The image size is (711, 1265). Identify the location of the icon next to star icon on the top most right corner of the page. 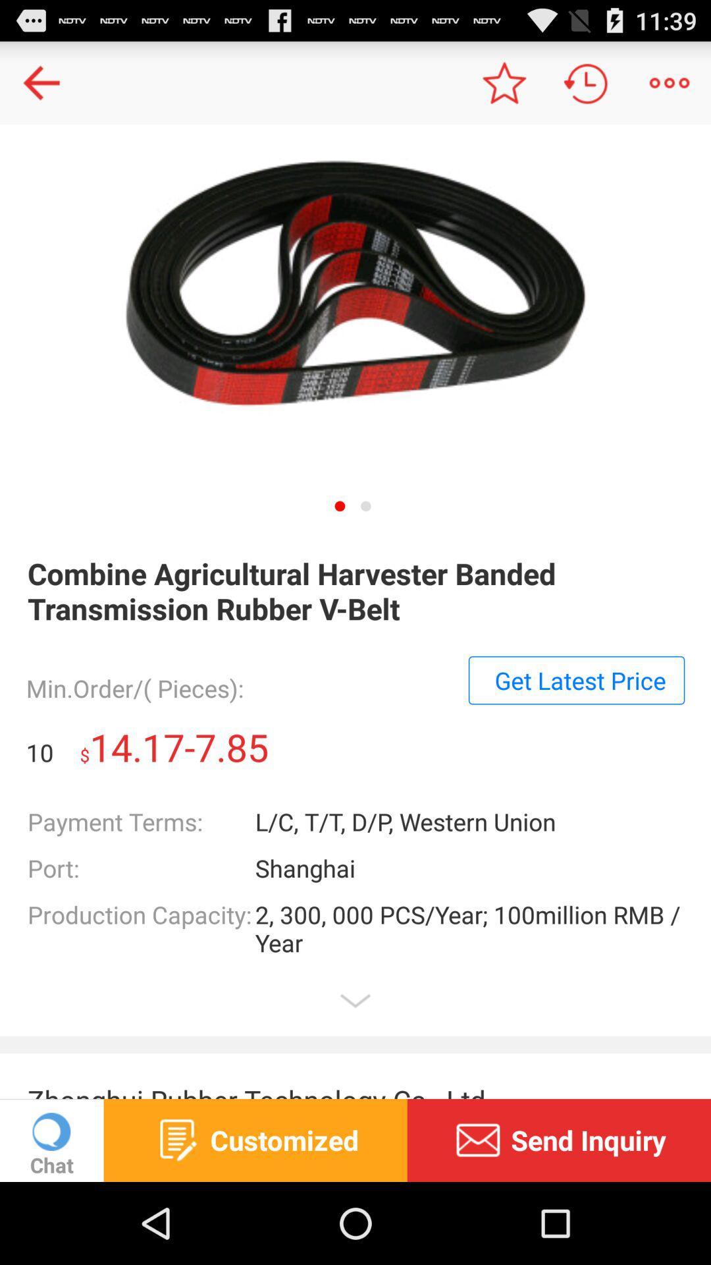
(586, 82).